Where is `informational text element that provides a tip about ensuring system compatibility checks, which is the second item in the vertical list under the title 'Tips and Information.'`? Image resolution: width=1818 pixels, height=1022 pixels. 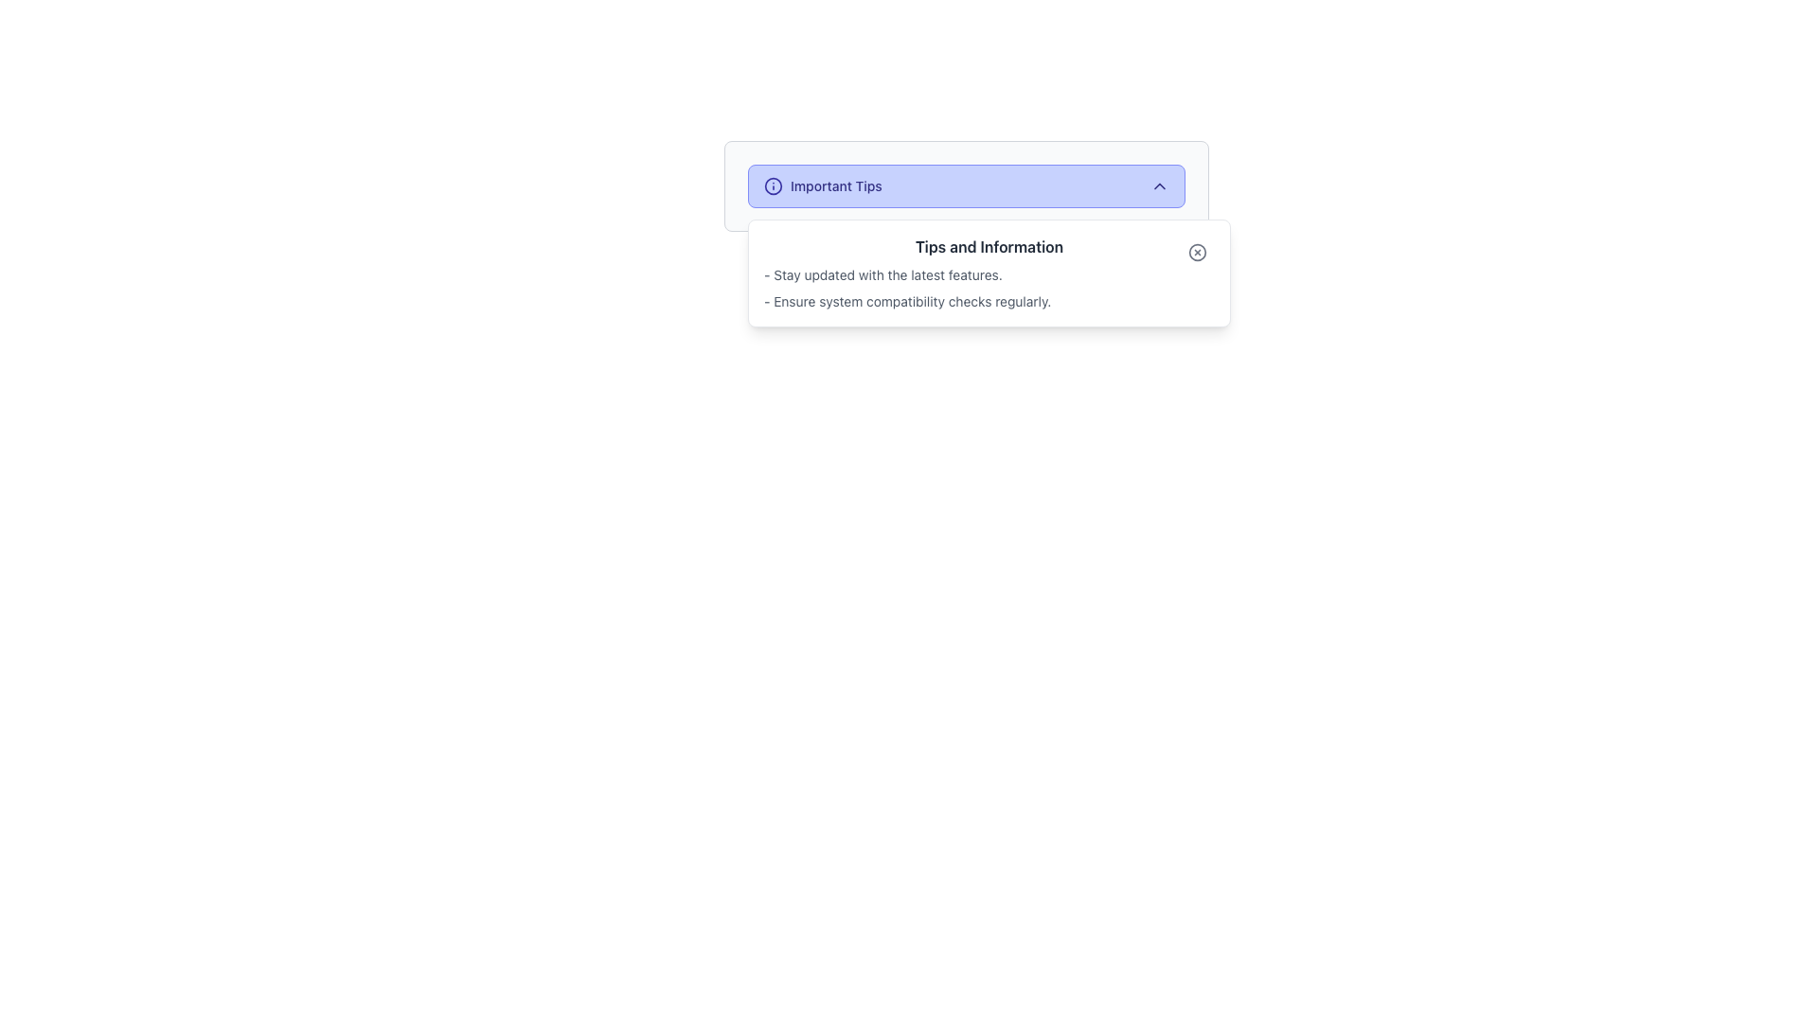
informational text element that provides a tip about ensuring system compatibility checks, which is the second item in the vertical list under the title 'Tips and Information.' is located at coordinates (989, 301).